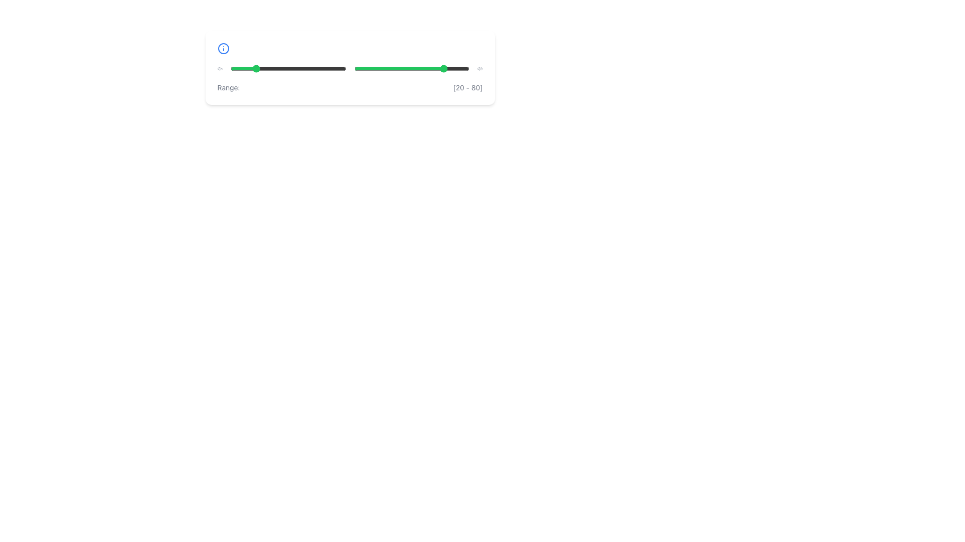 This screenshot has width=965, height=542. I want to click on the slider value, so click(390, 68).